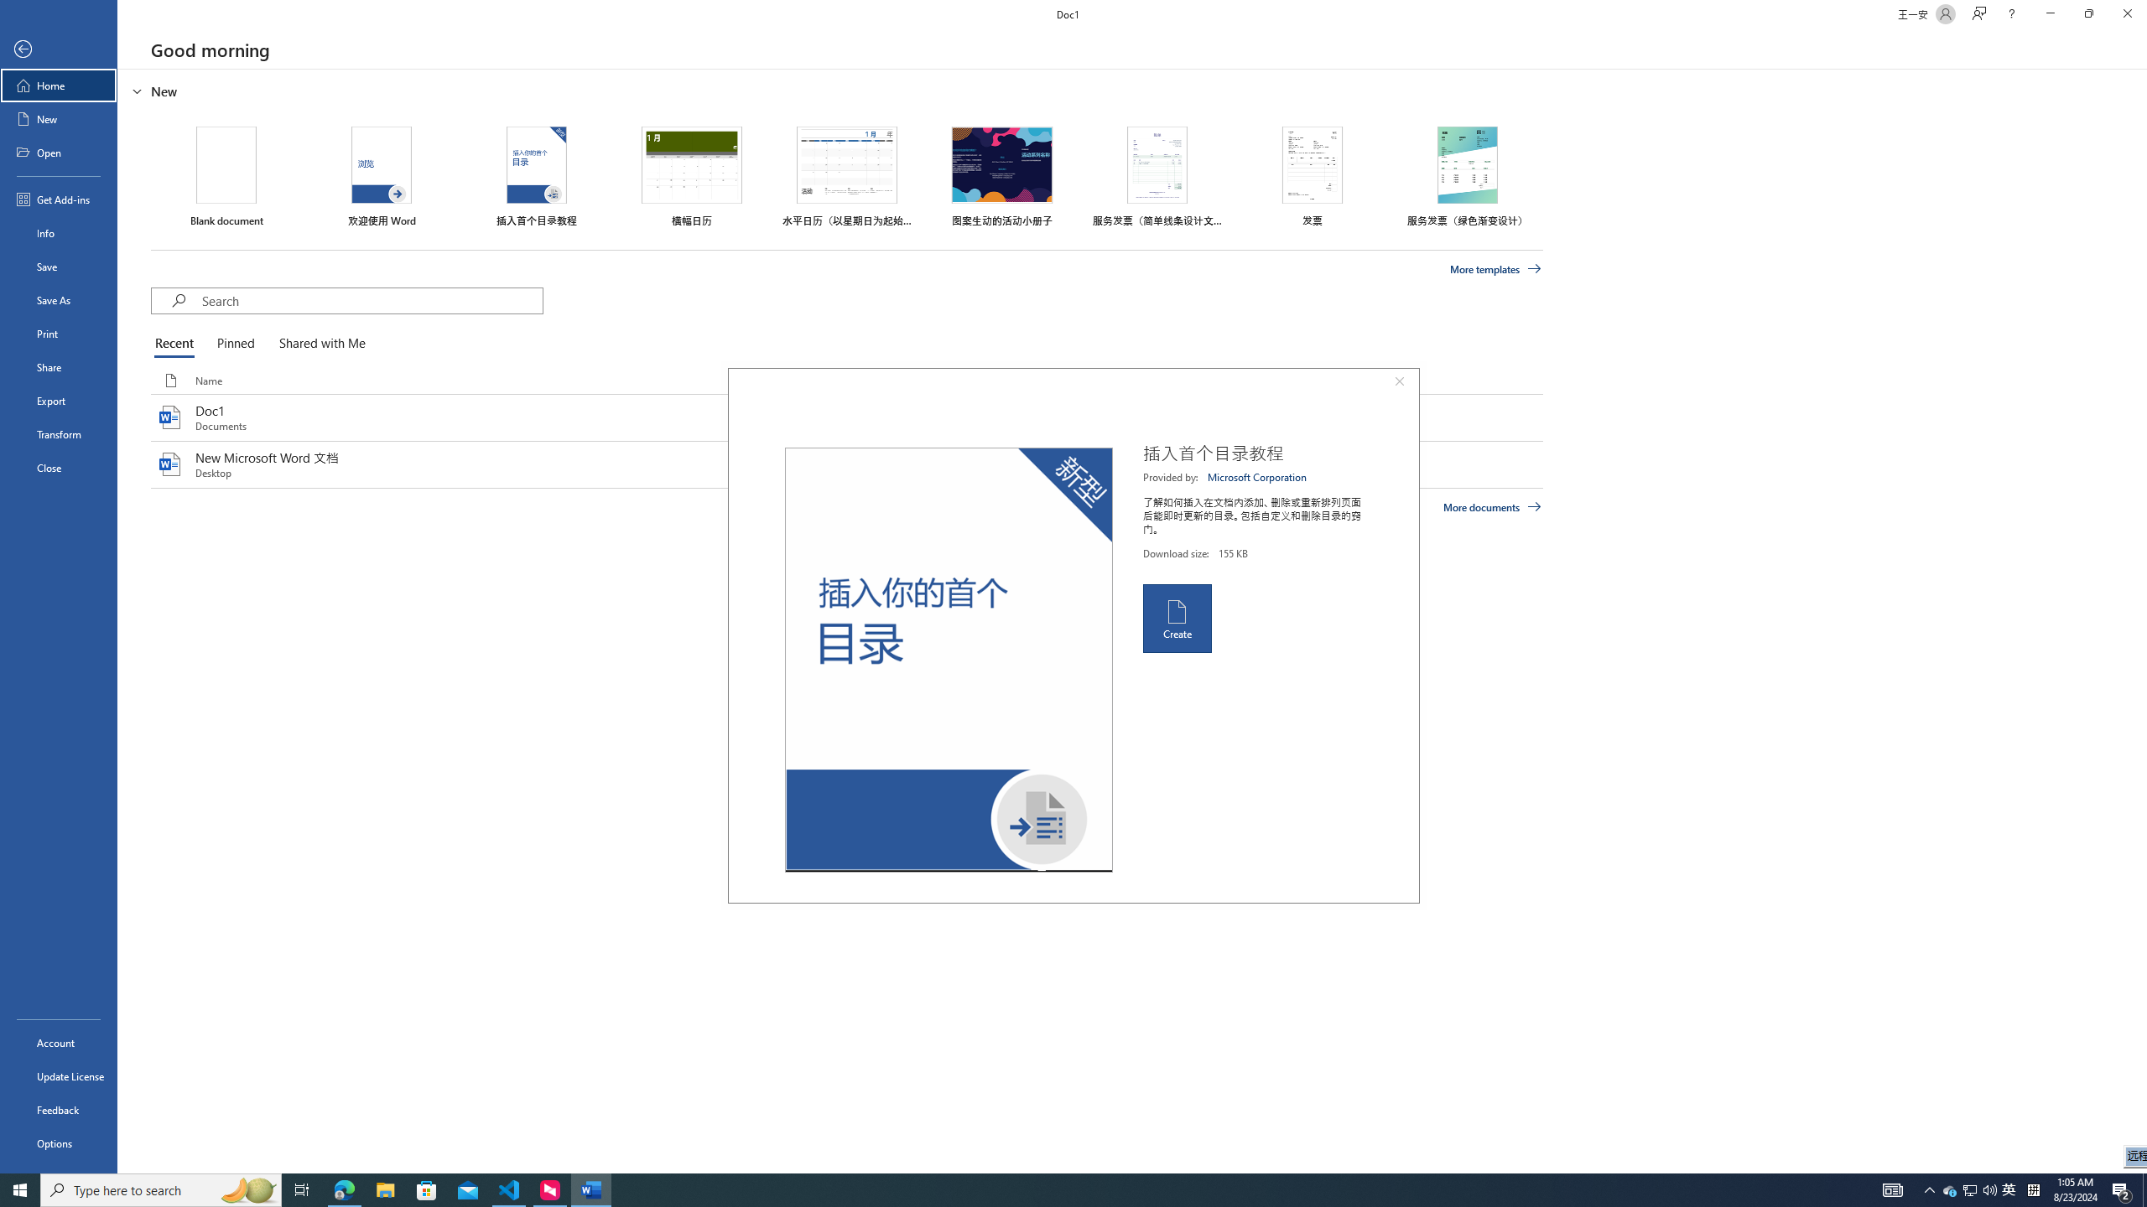  I want to click on 'Export', so click(58, 401).